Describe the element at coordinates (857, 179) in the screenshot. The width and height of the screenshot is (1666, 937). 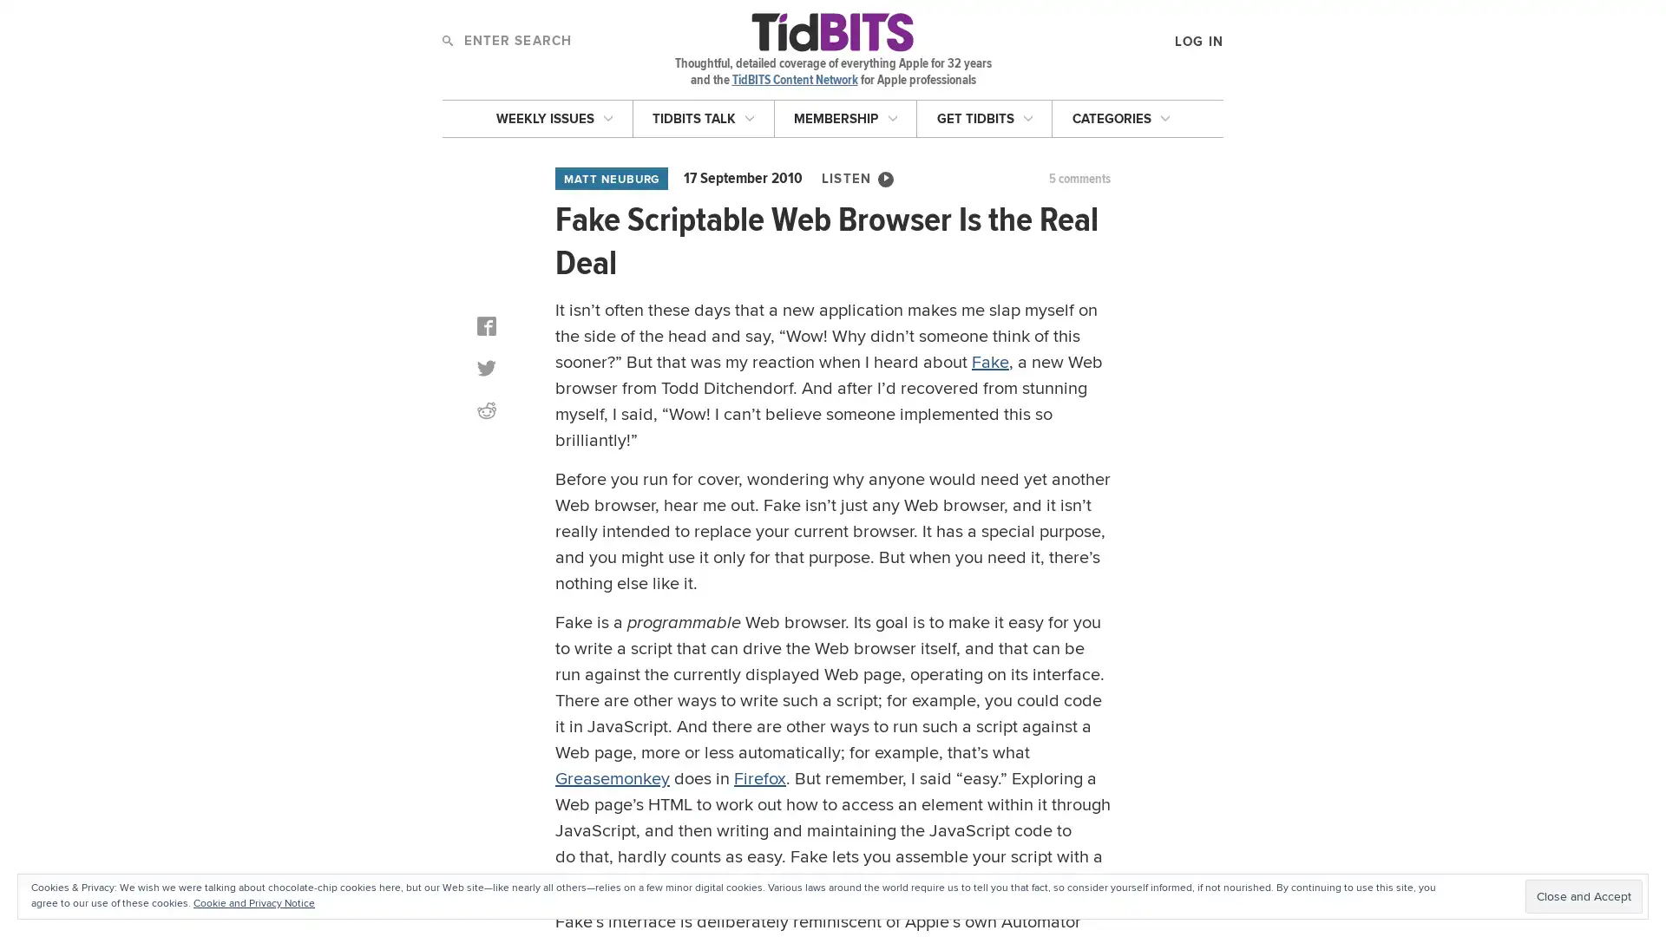
I see `LISTEN` at that location.